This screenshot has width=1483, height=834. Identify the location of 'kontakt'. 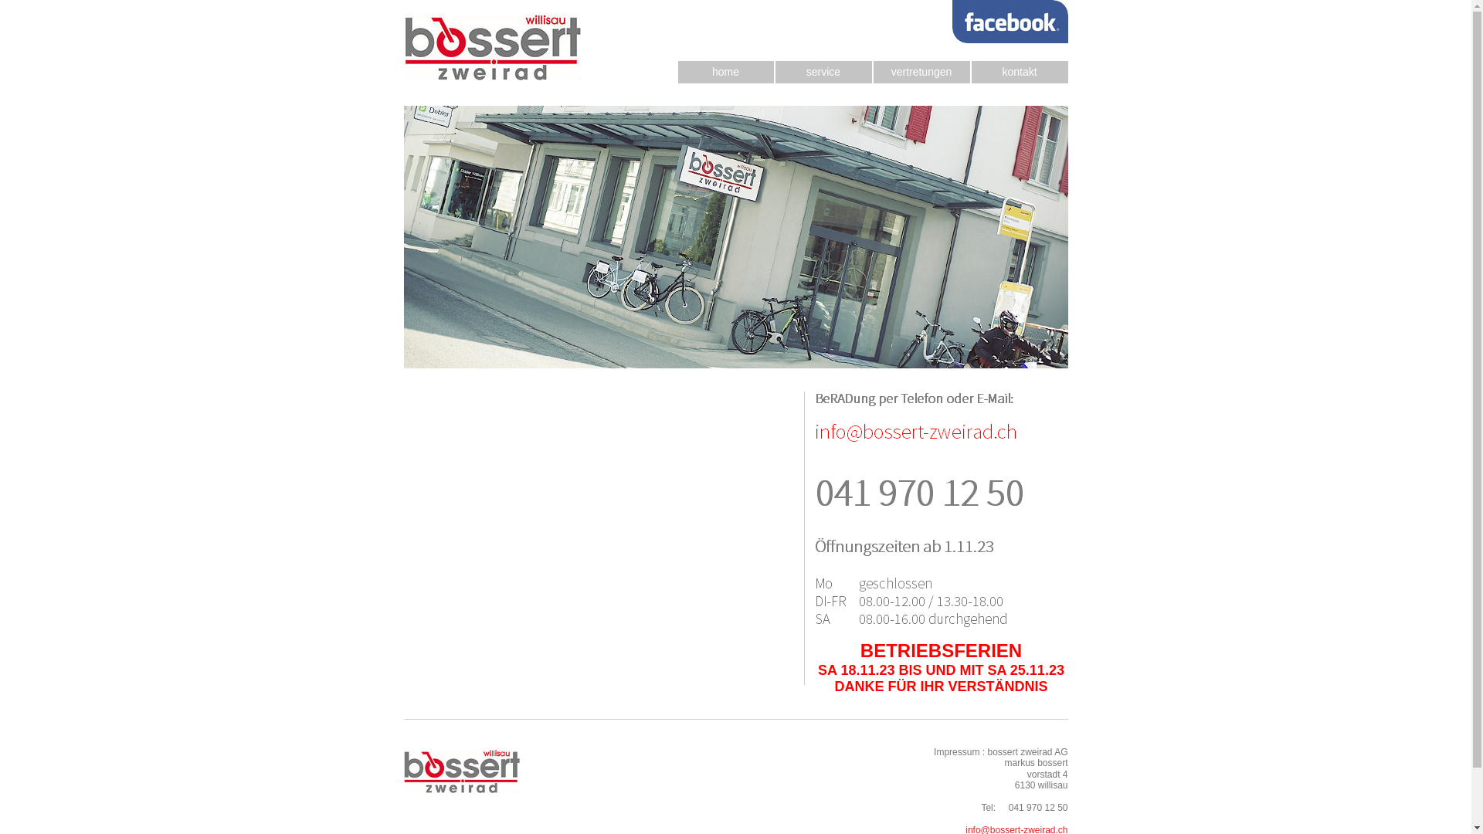
(1020, 72).